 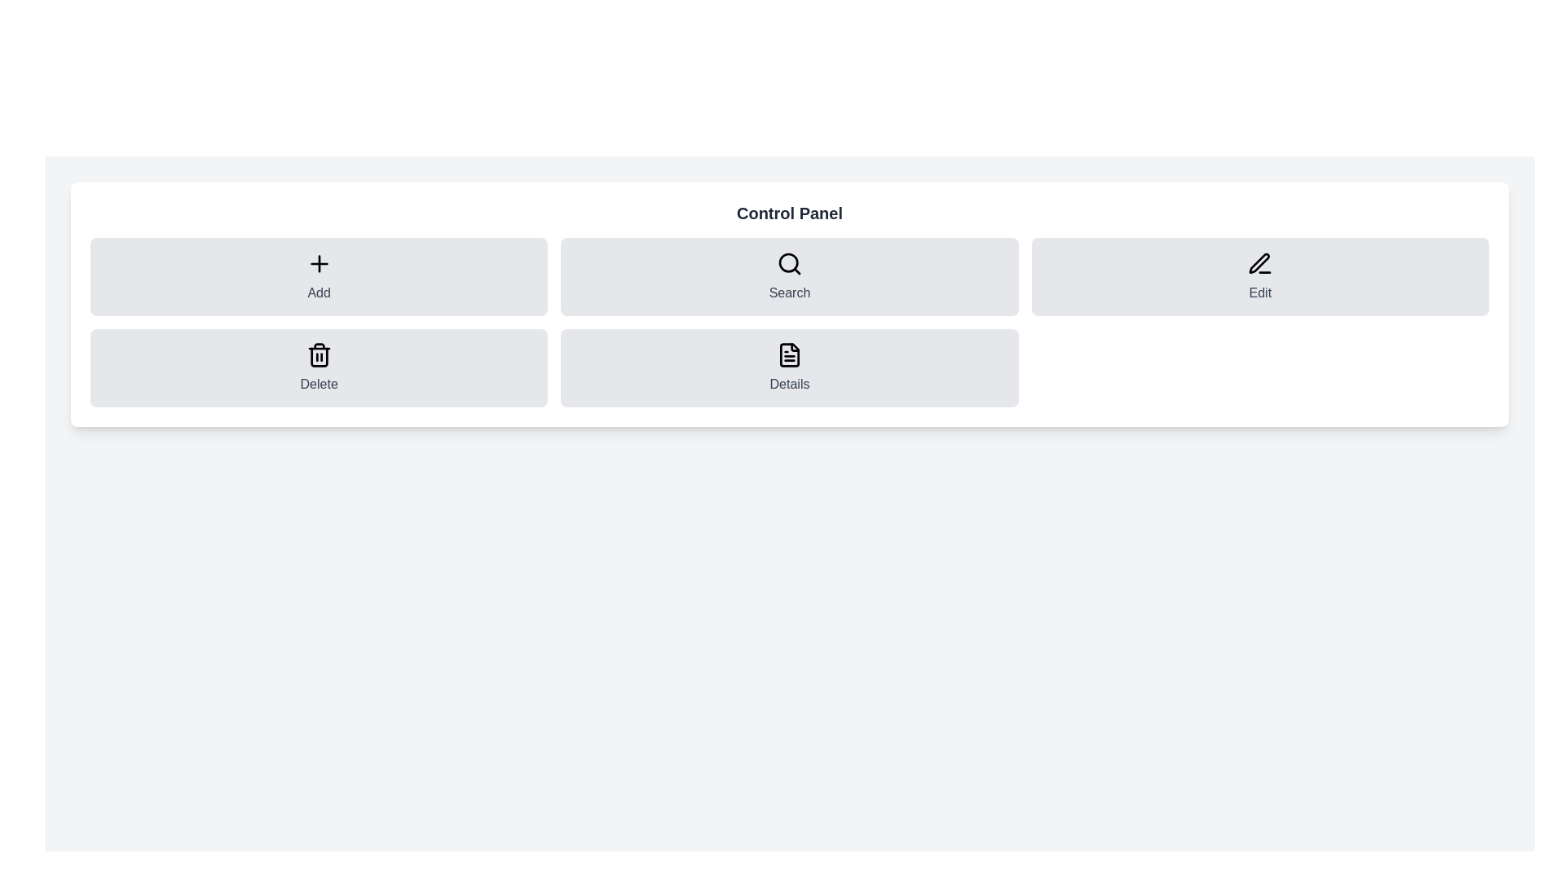 I want to click on the search button located between 'Add' and 'Edit' in the top row of the button grid, so click(x=790, y=275).